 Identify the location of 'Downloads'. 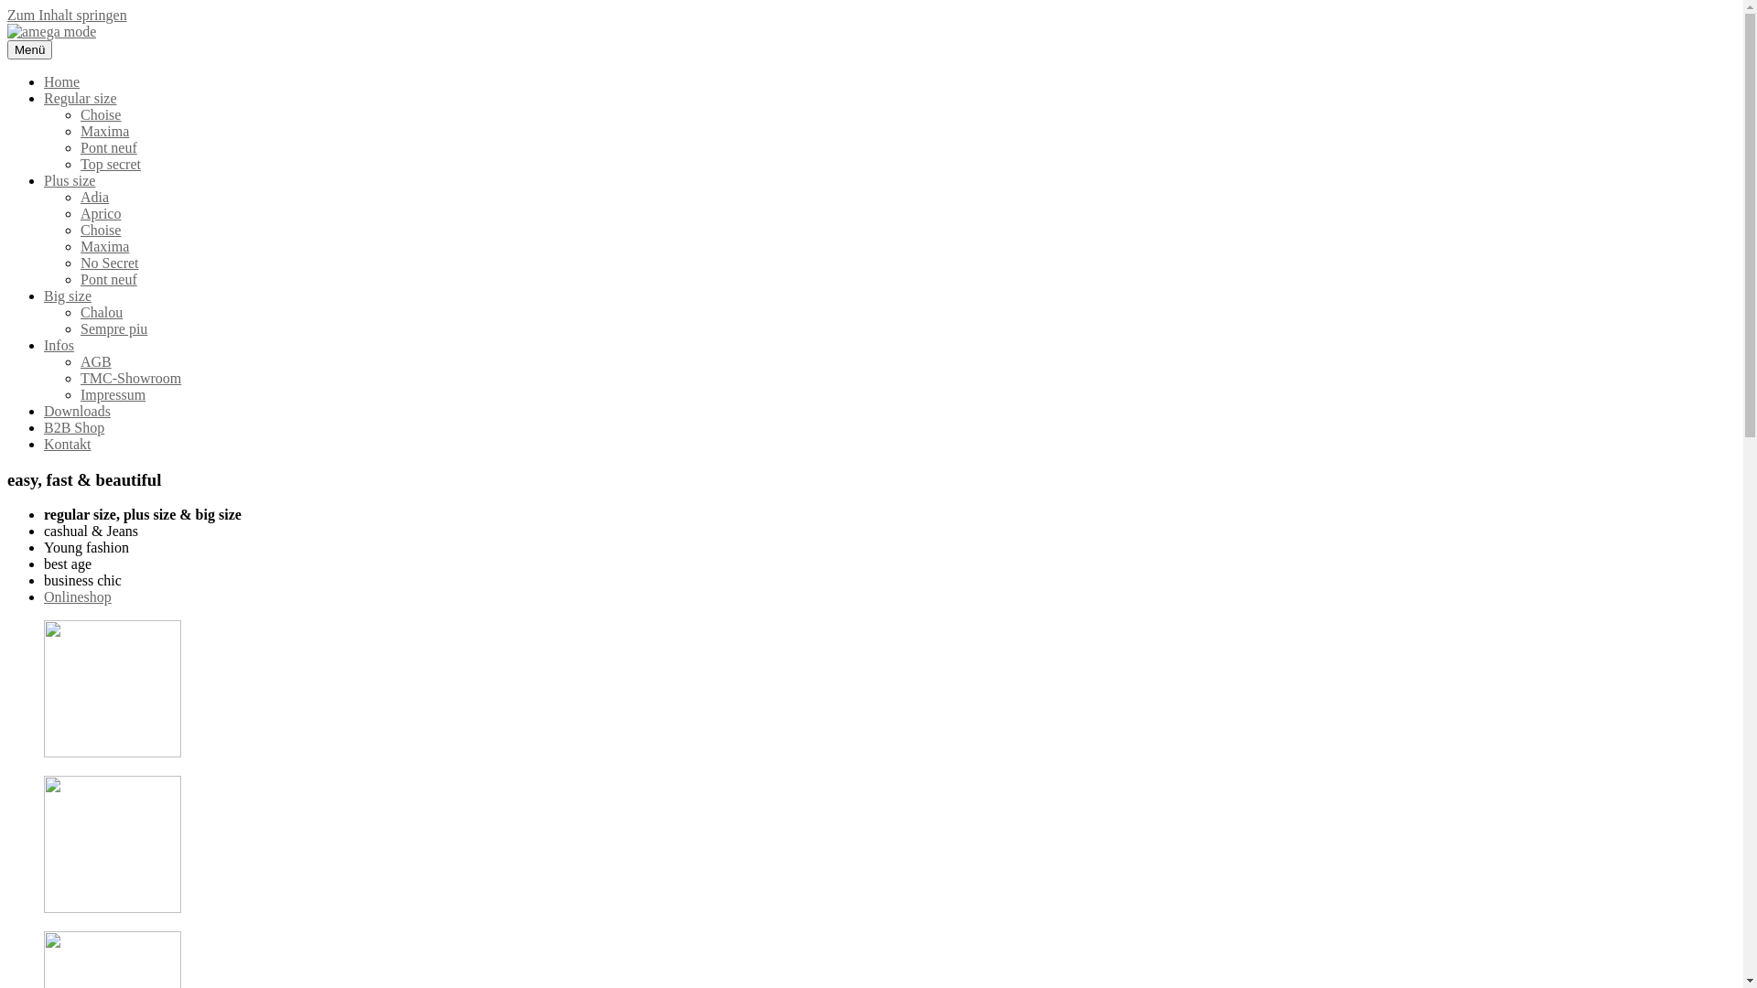
(76, 410).